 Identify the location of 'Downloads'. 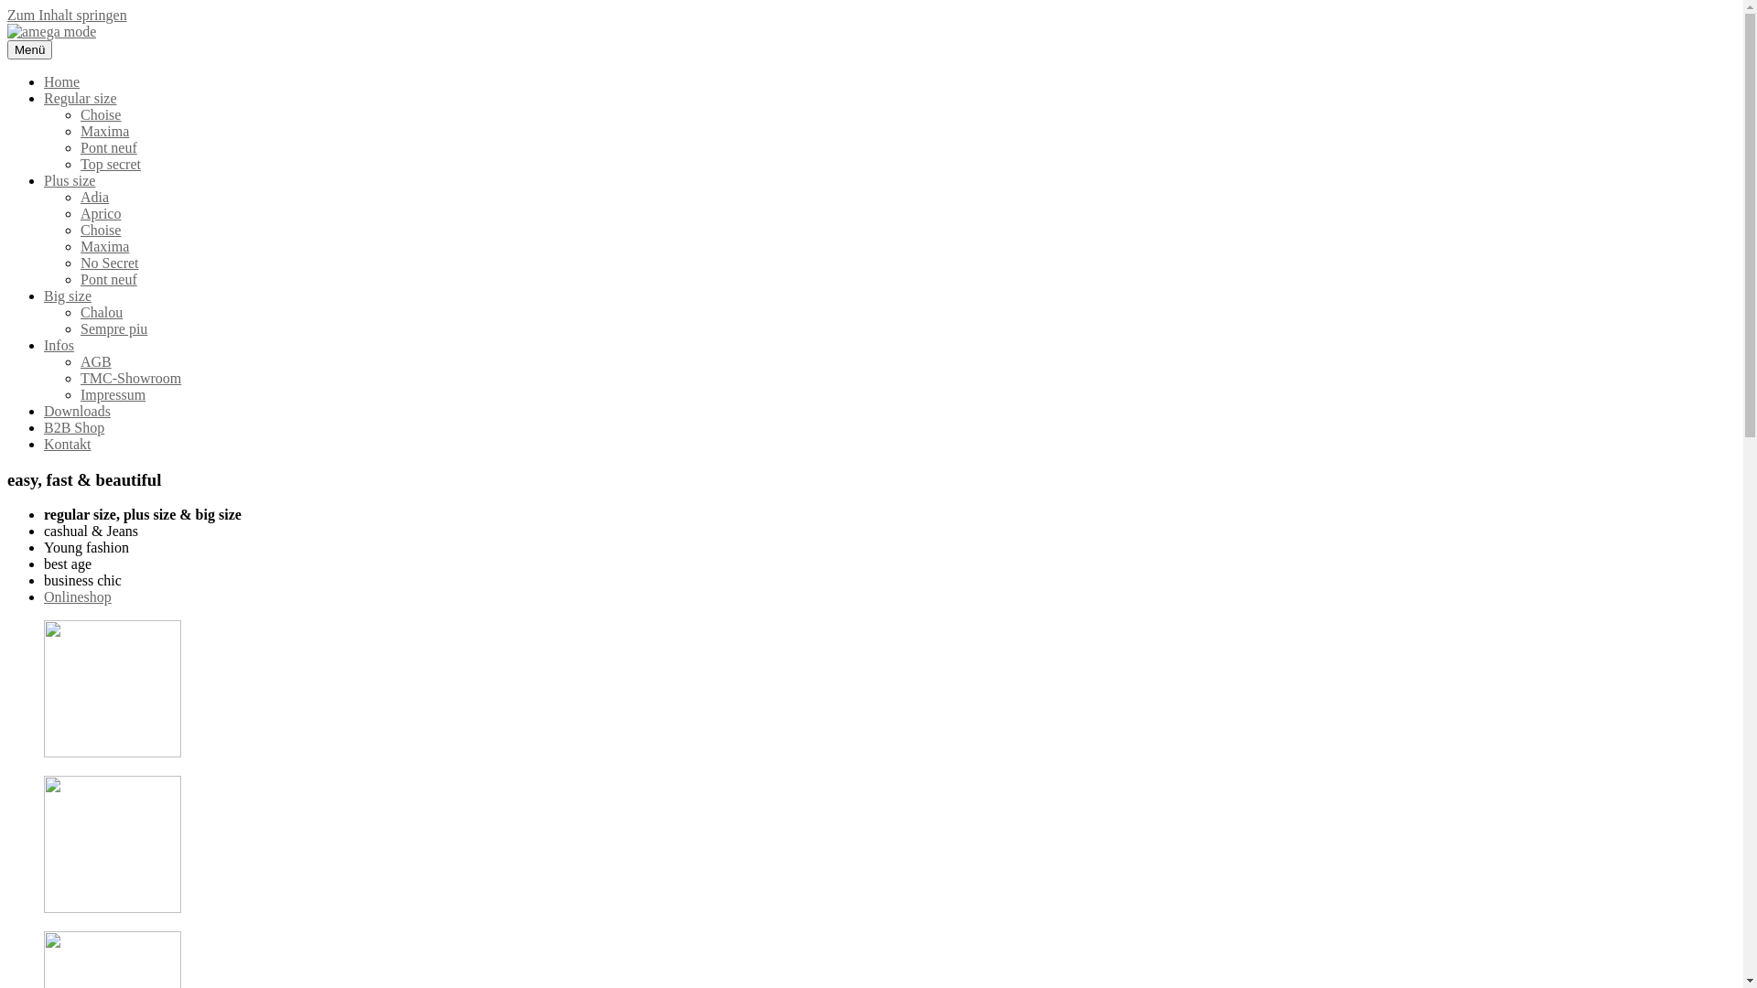
(76, 410).